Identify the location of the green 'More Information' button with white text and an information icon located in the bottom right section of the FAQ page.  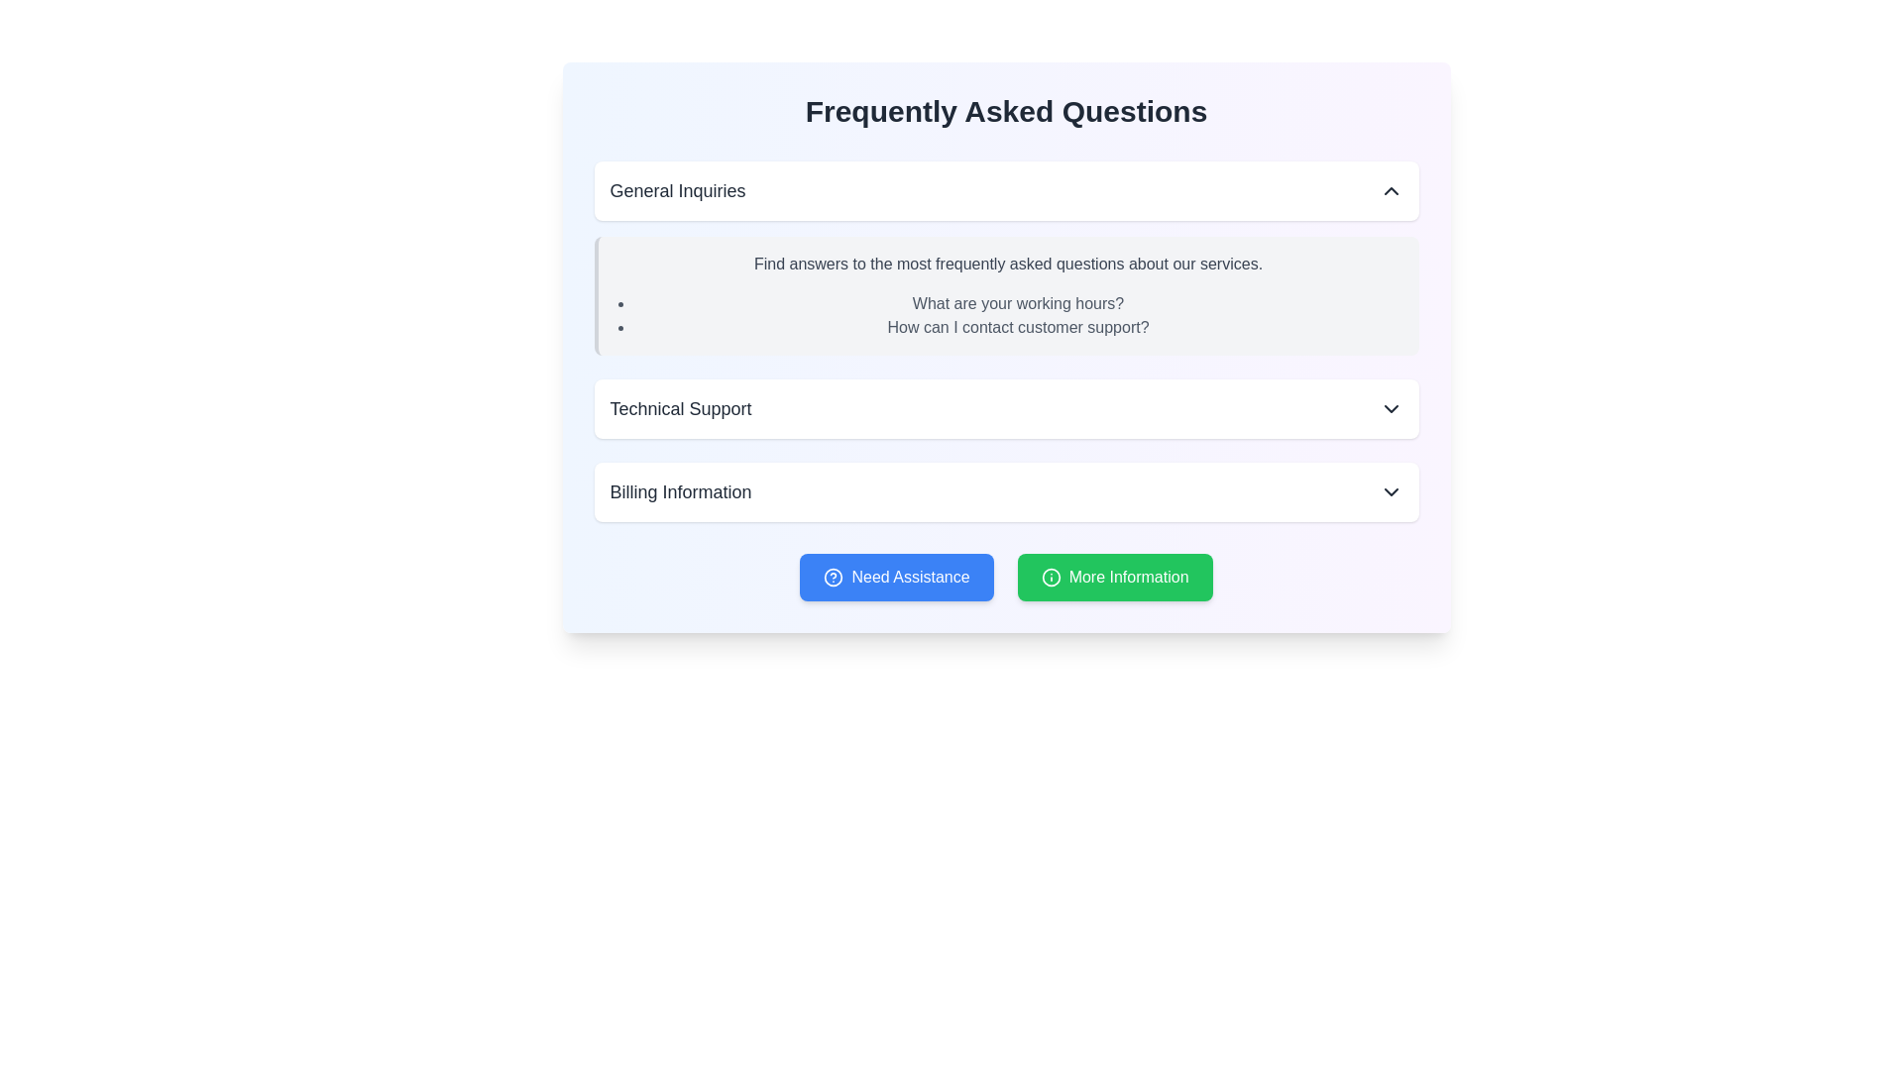
(1115, 577).